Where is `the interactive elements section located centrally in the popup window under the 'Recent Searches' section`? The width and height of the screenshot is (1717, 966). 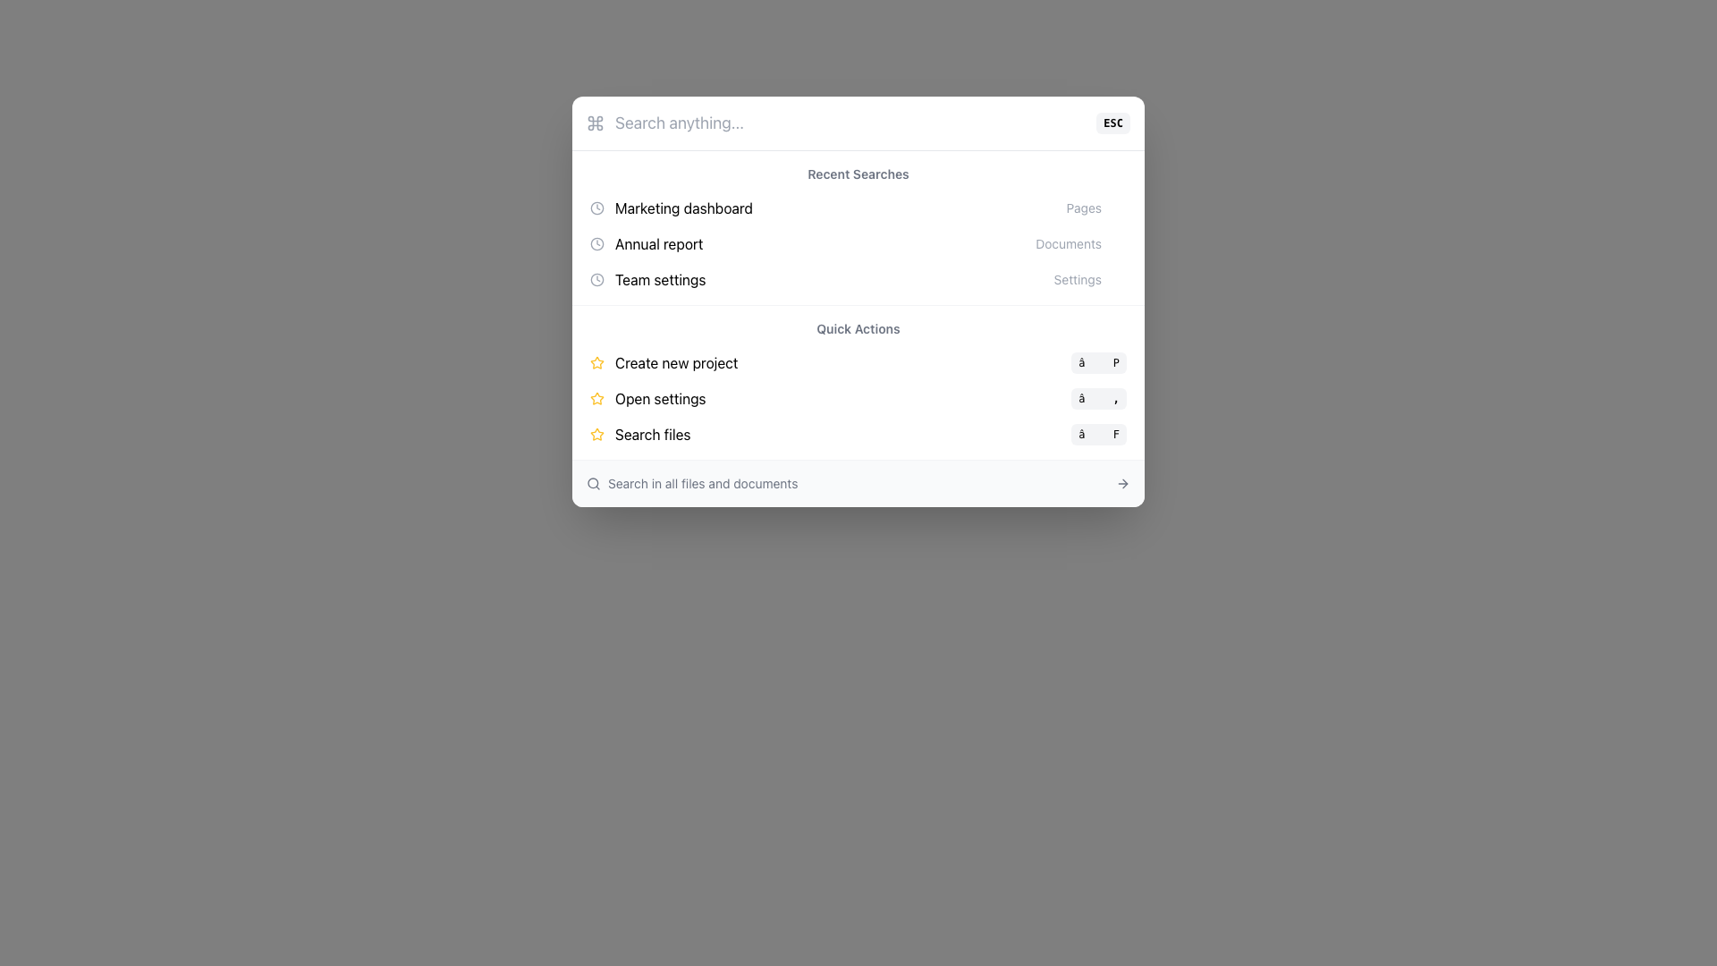
the interactive elements section located centrally in the popup window under the 'Recent Searches' section is located at coordinates (858, 381).